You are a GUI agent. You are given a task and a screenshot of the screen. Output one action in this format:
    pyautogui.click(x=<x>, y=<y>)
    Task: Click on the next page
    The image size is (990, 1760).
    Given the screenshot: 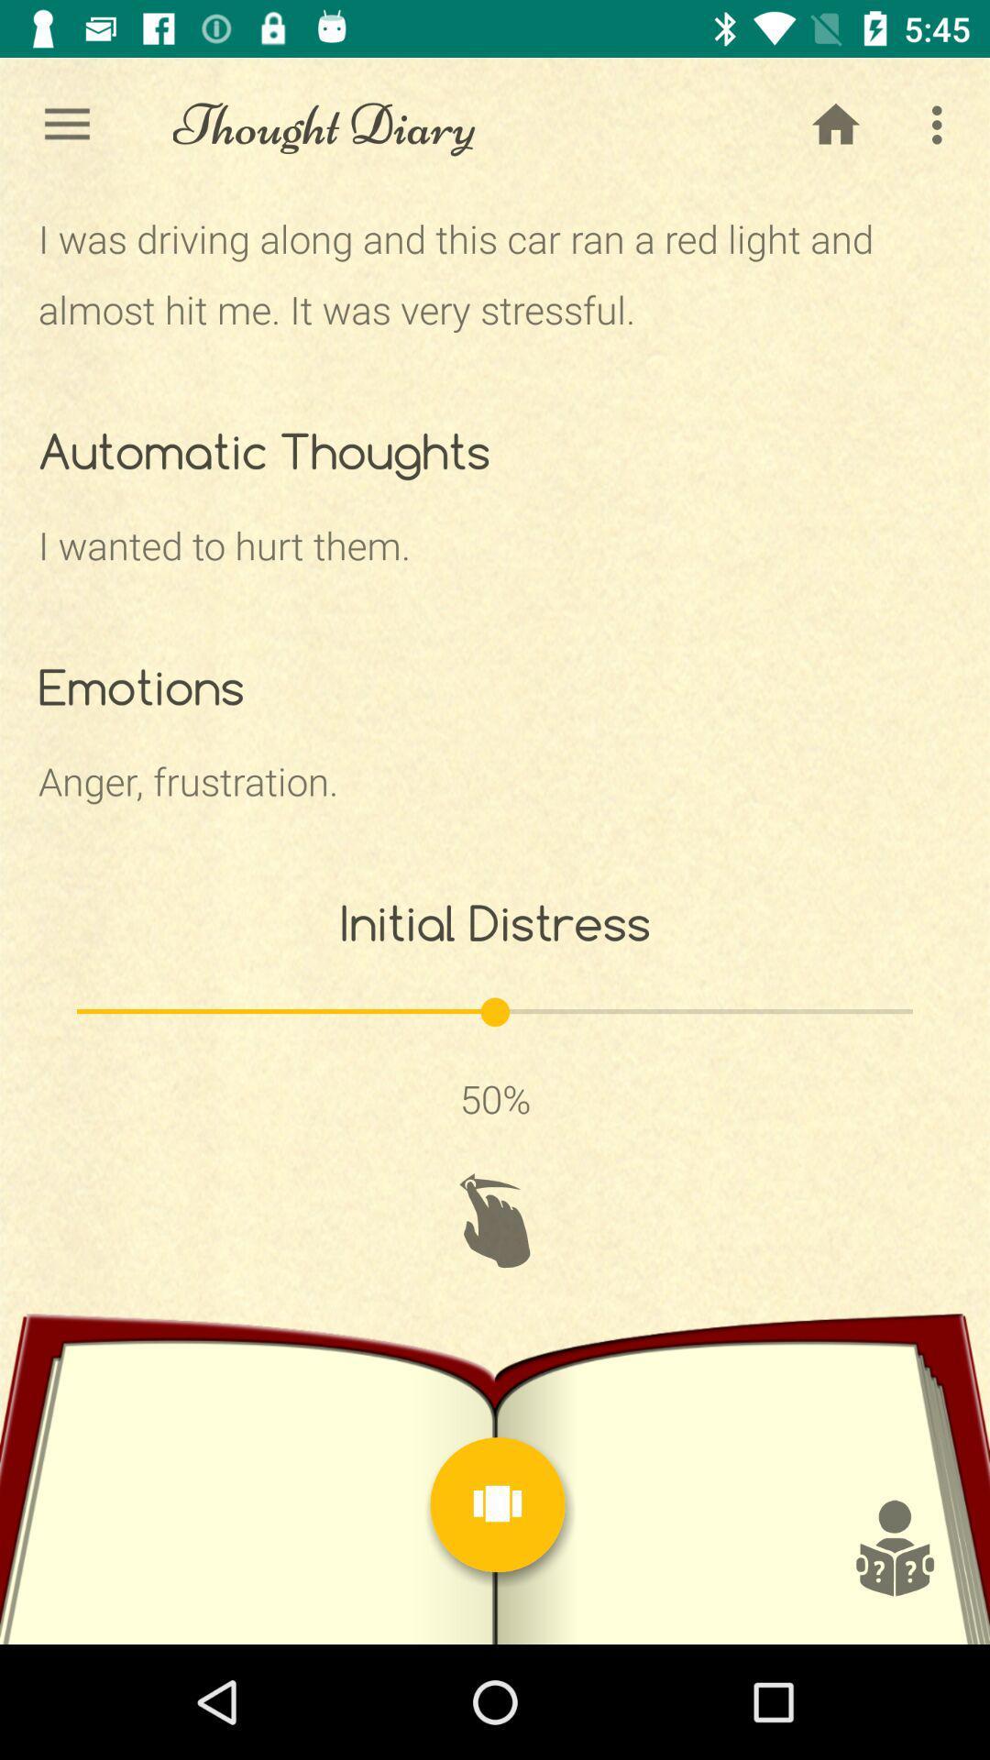 What is the action you would take?
    pyautogui.click(x=498, y=1504)
    